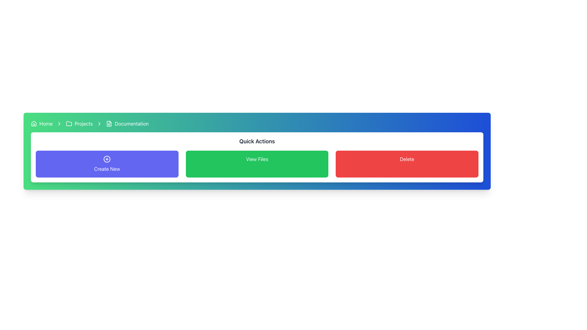  Describe the element at coordinates (107, 169) in the screenshot. I see `the text element displaying 'Create New' which is centrally aligned within the blue button in the 'Quick Actions' section` at that location.